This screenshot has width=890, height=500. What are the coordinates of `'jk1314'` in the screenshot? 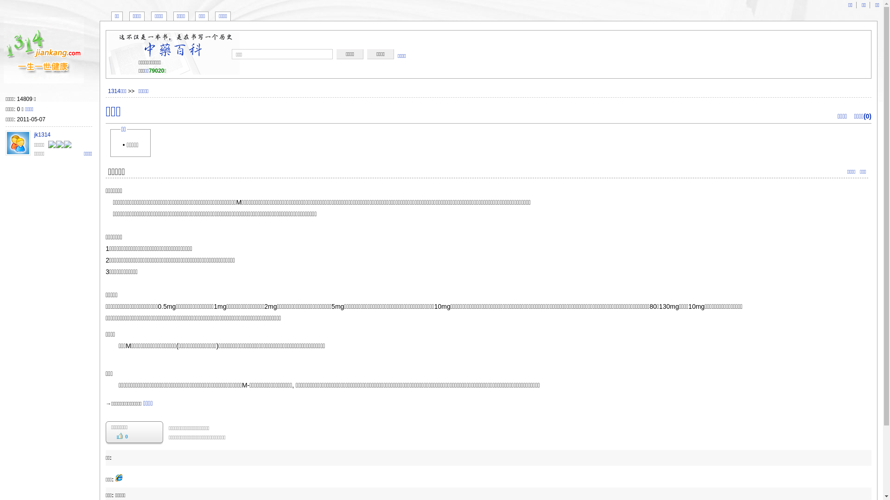 It's located at (42, 135).